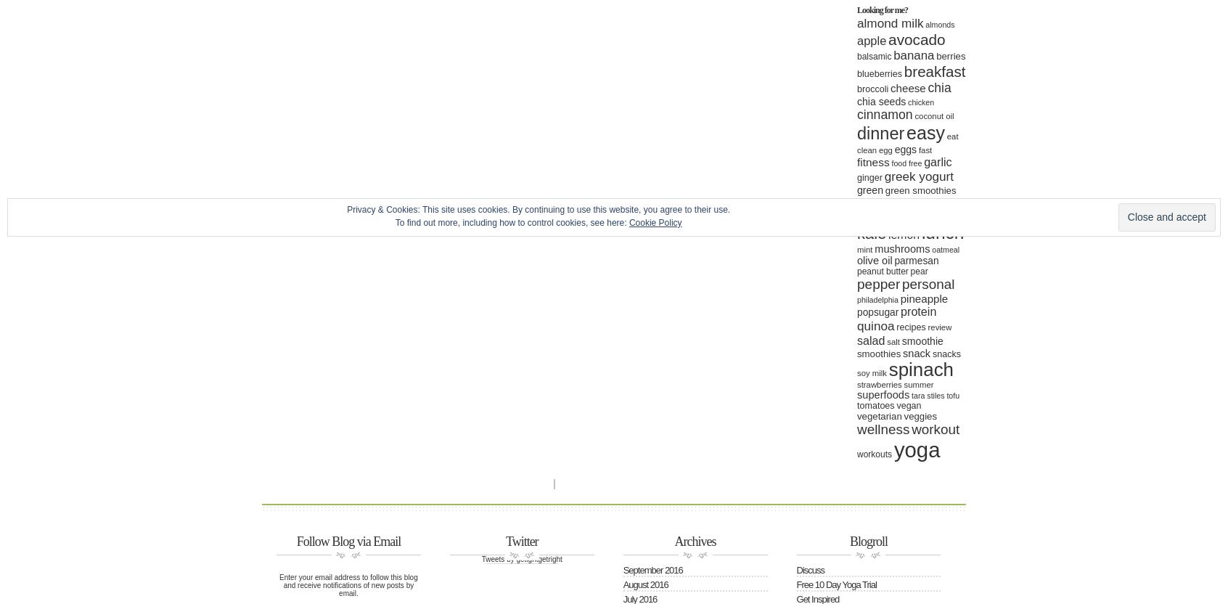  I want to click on 'food', so click(899, 163).